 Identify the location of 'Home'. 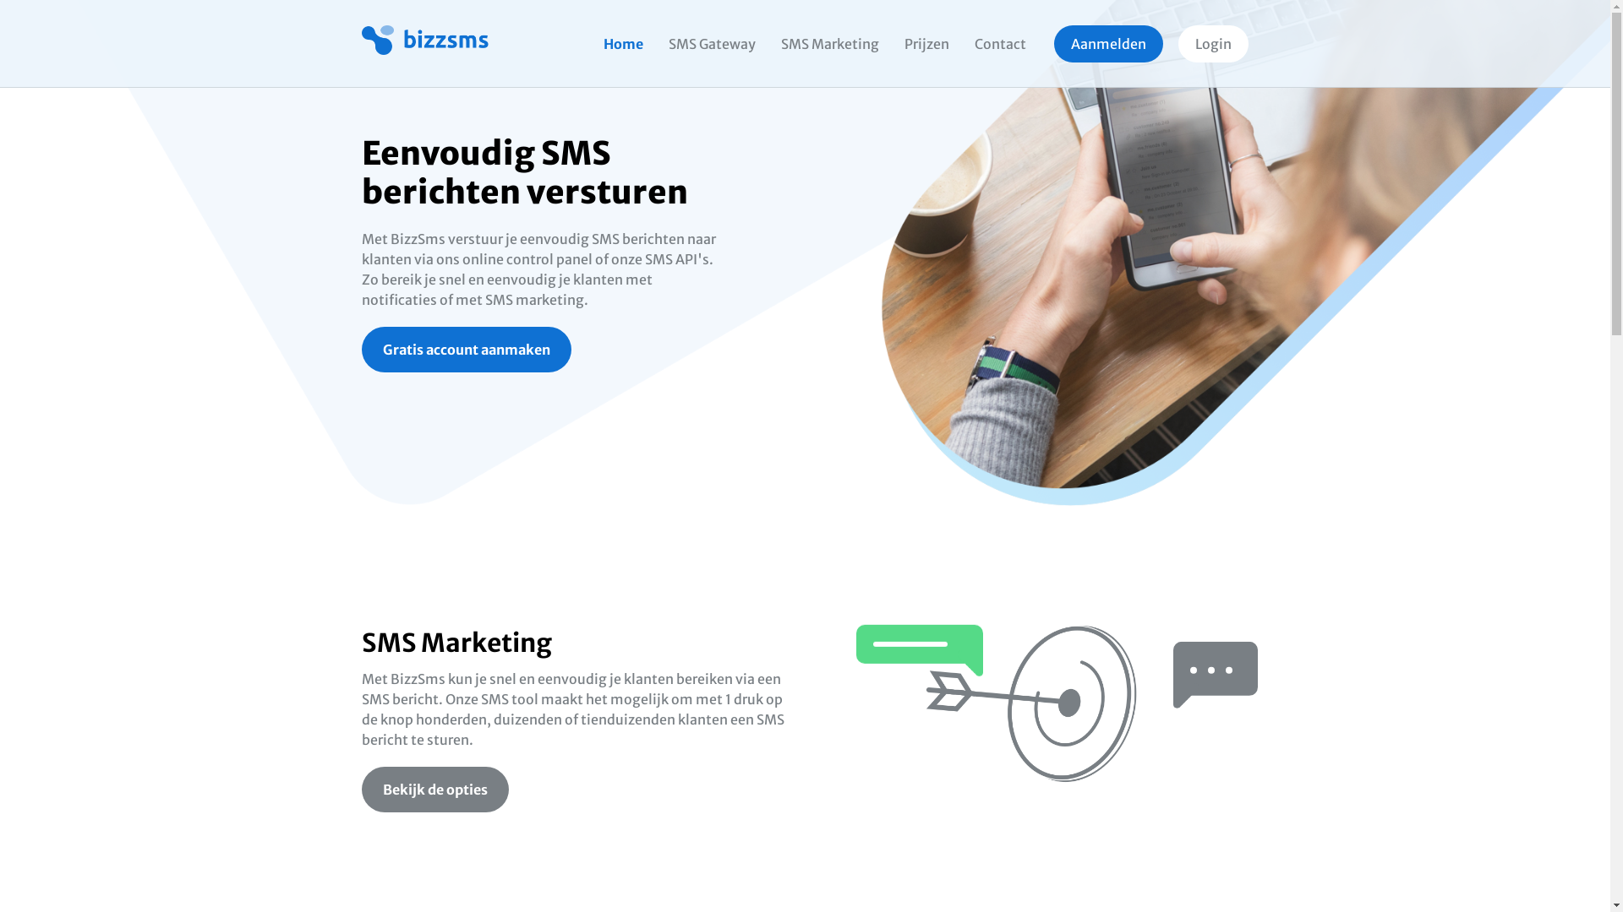
(622, 42).